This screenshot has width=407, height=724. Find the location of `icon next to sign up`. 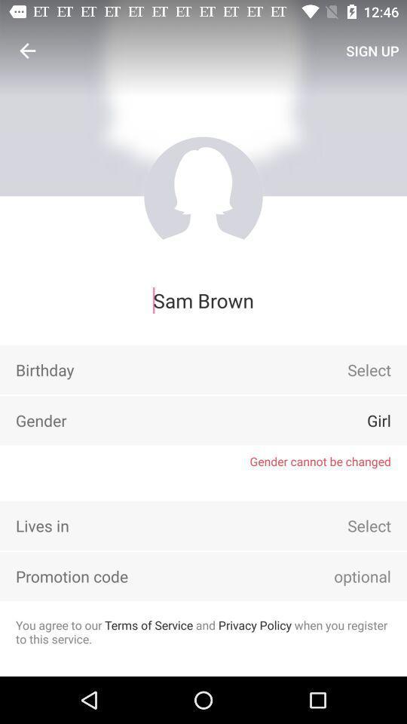

icon next to sign up is located at coordinates (27, 51).